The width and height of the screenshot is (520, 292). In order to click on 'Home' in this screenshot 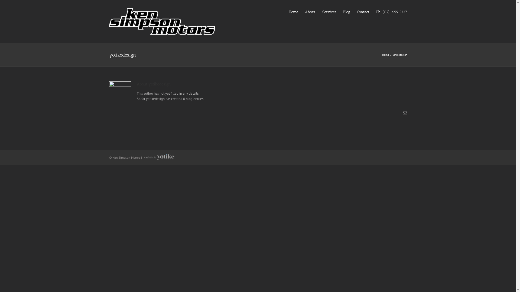, I will do `click(385, 55)`.